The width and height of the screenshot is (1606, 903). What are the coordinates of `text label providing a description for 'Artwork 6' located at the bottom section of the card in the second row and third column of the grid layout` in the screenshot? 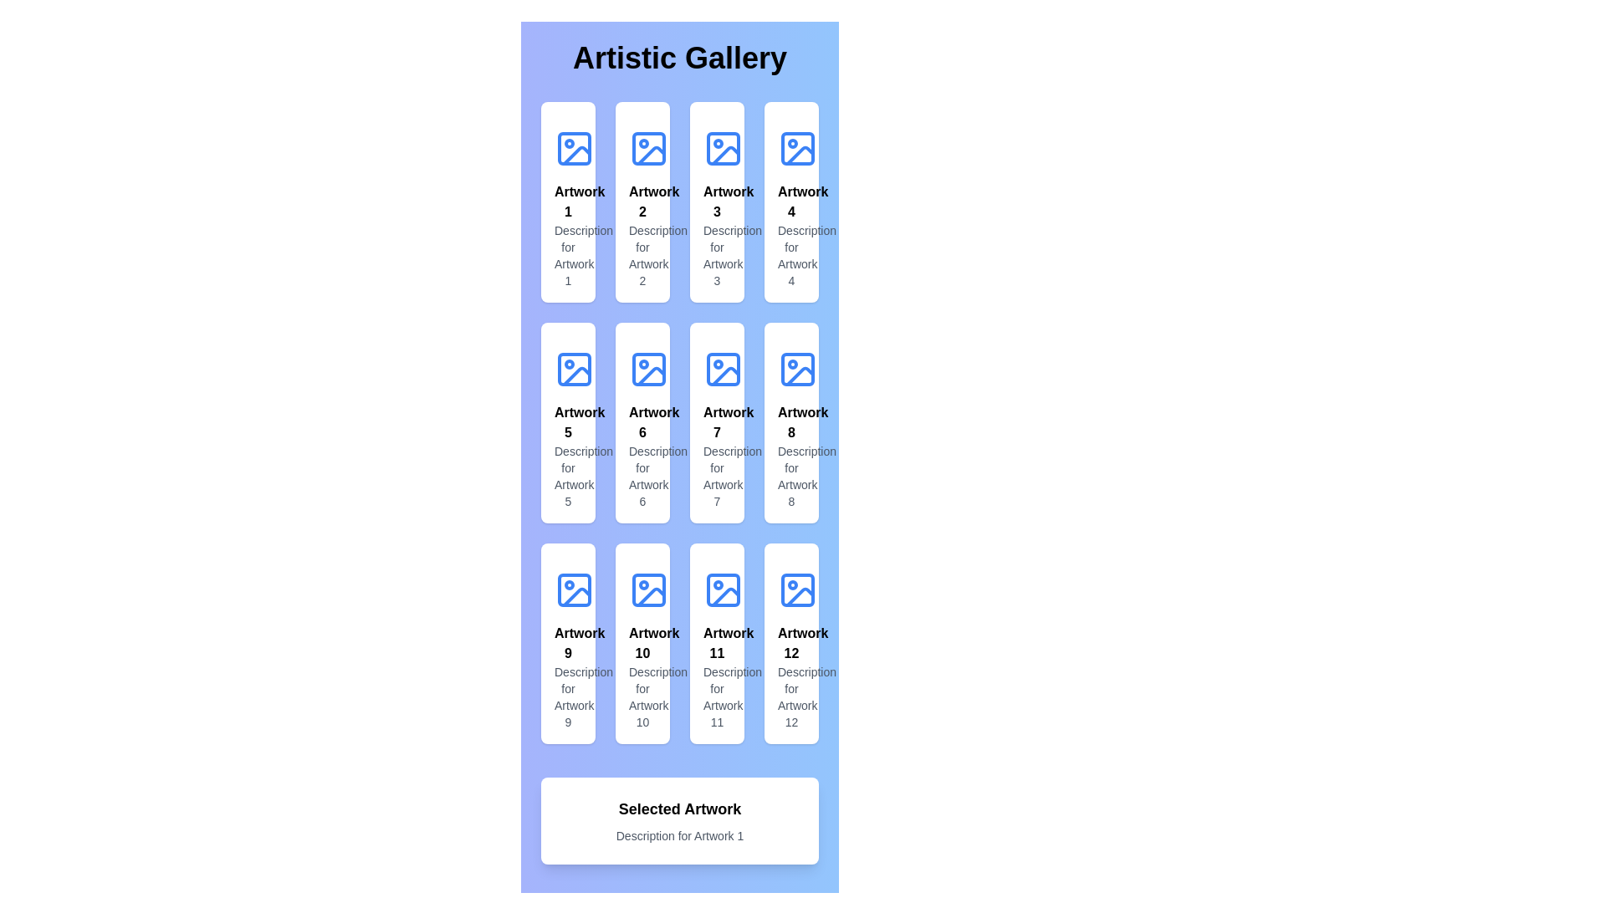 It's located at (642, 477).